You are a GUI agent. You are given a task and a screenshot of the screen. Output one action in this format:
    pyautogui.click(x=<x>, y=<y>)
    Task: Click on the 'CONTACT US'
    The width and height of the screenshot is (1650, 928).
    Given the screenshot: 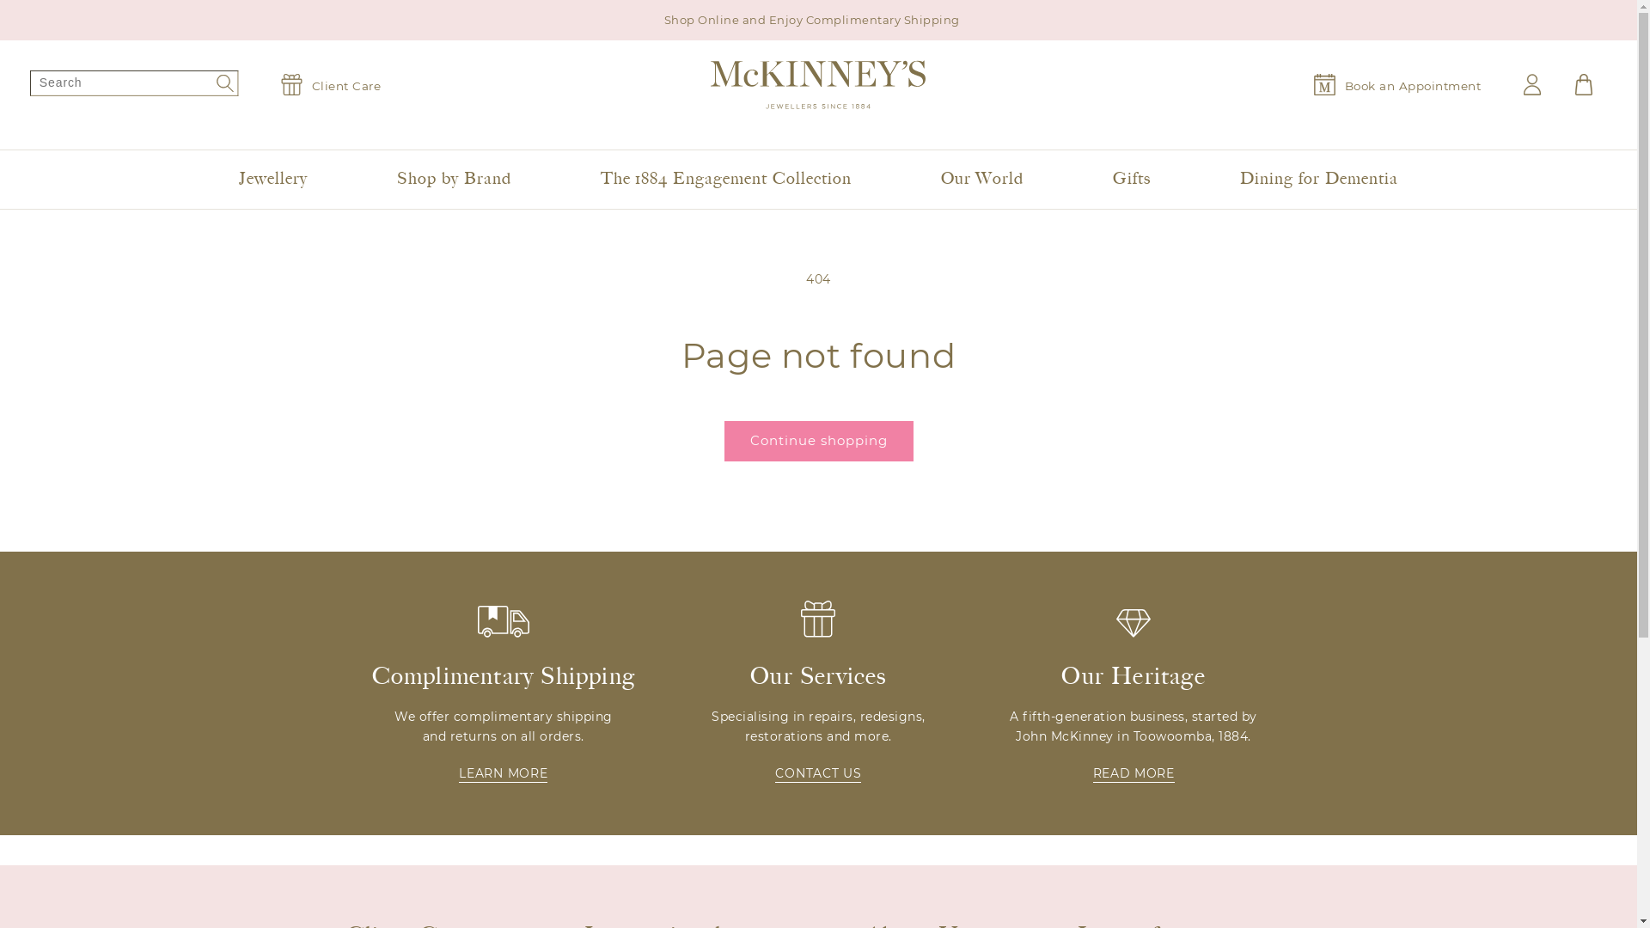 What is the action you would take?
    pyautogui.click(x=816, y=774)
    